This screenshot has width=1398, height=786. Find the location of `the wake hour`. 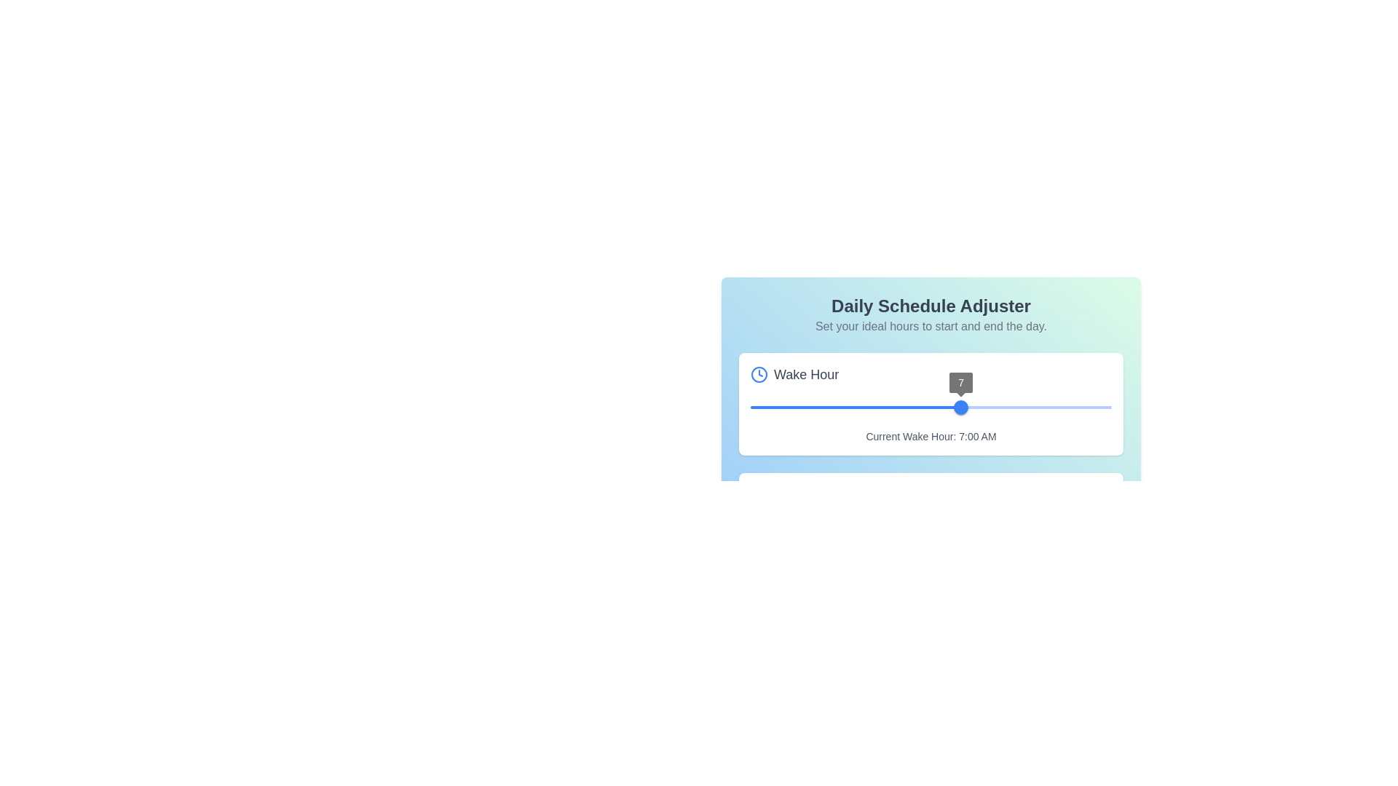

the wake hour is located at coordinates (1080, 407).